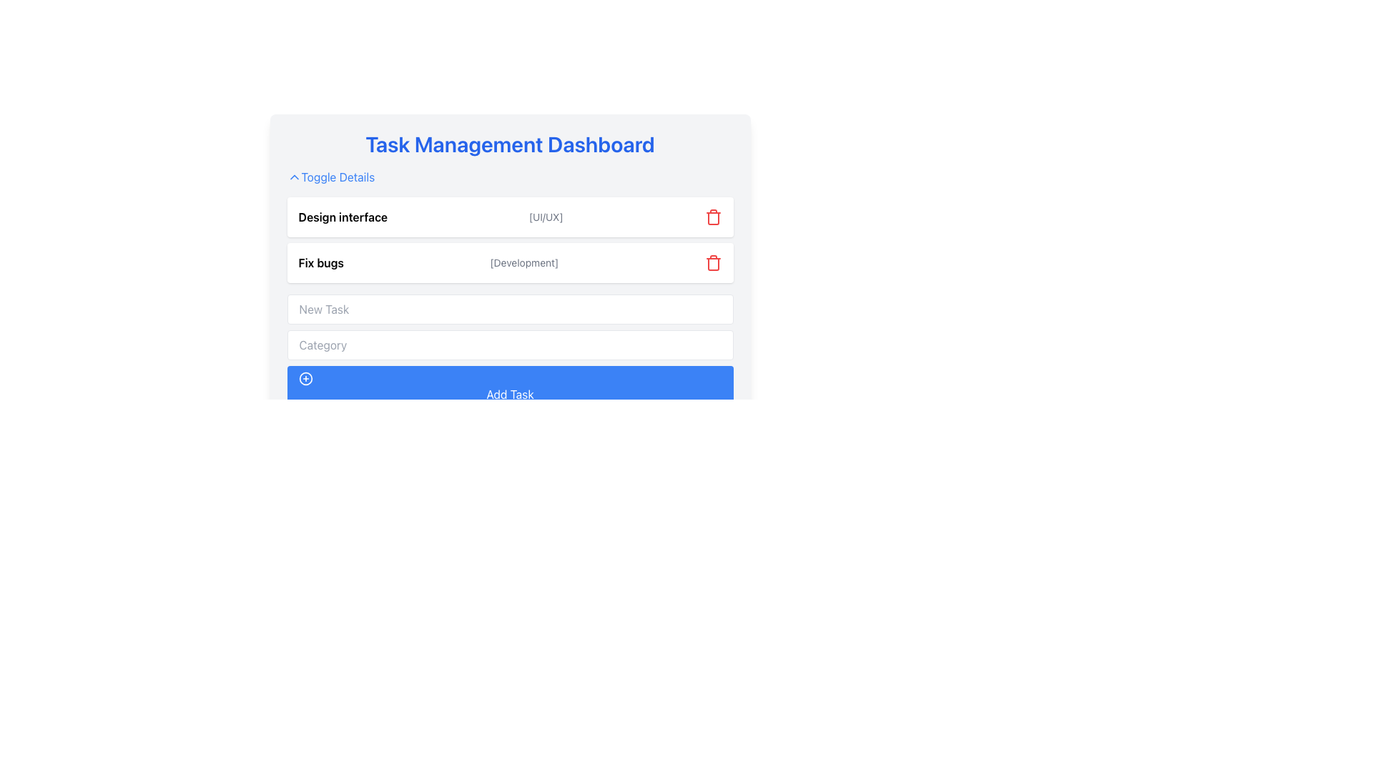  I want to click on the text label '[UI/UX]' which is a grey-colored category tag displayed in a smaller font size, located to the right of the 'Design interface' label in the task entry box, so click(545, 217).